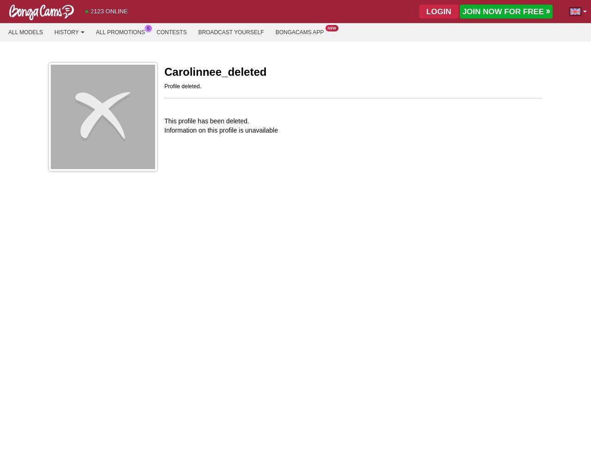 This screenshot has height=462, width=591. Describe the element at coordinates (66, 32) in the screenshot. I see `'History'` at that location.